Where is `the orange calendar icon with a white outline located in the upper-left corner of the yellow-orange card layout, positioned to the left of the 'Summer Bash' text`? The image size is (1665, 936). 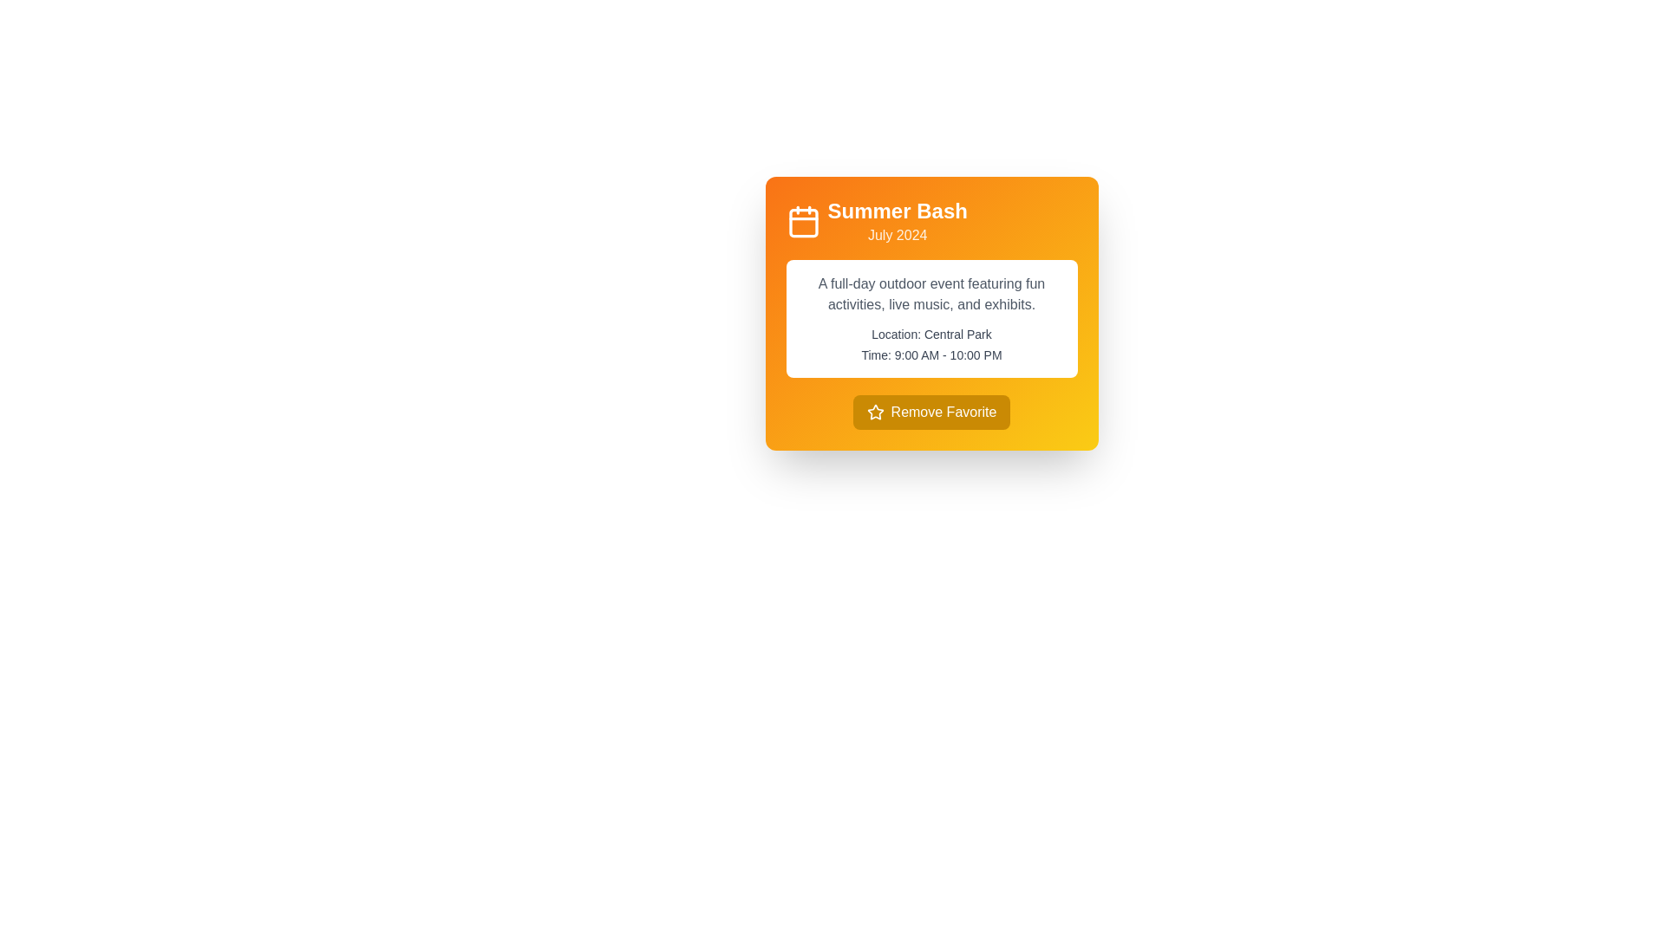
the orange calendar icon with a white outline located in the upper-left corner of the yellow-orange card layout, positioned to the left of the 'Summer Bash' text is located at coordinates (802, 220).